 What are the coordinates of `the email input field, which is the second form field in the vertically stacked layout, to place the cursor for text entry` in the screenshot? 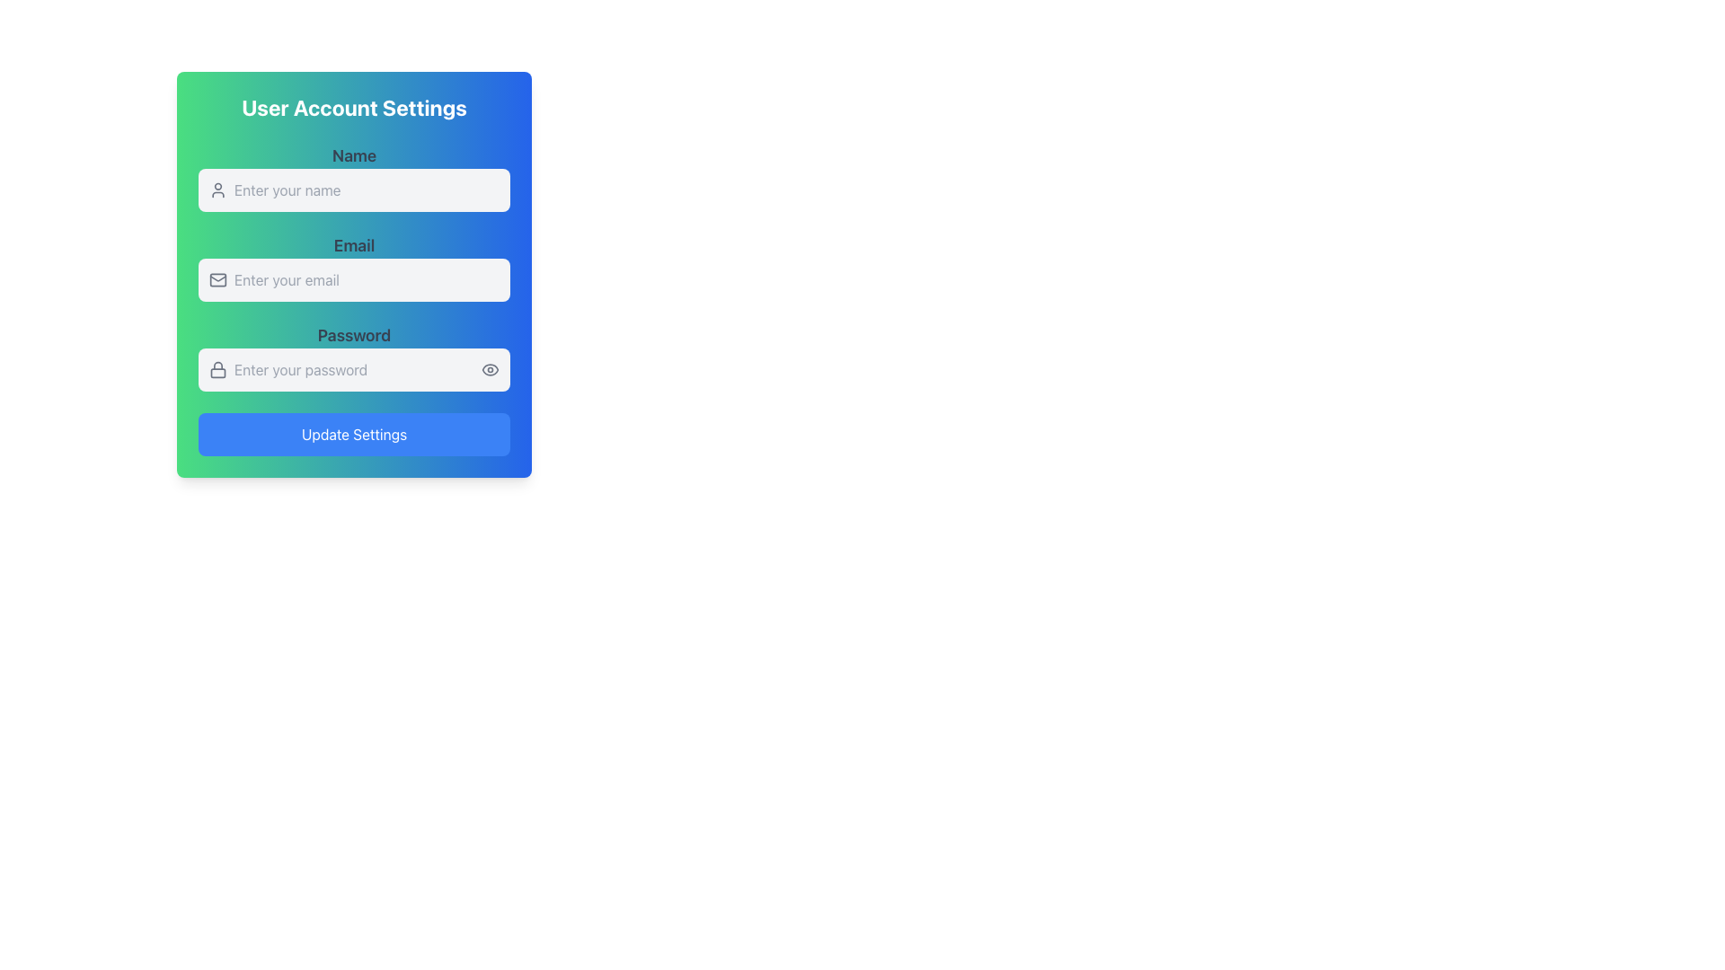 It's located at (354, 267).